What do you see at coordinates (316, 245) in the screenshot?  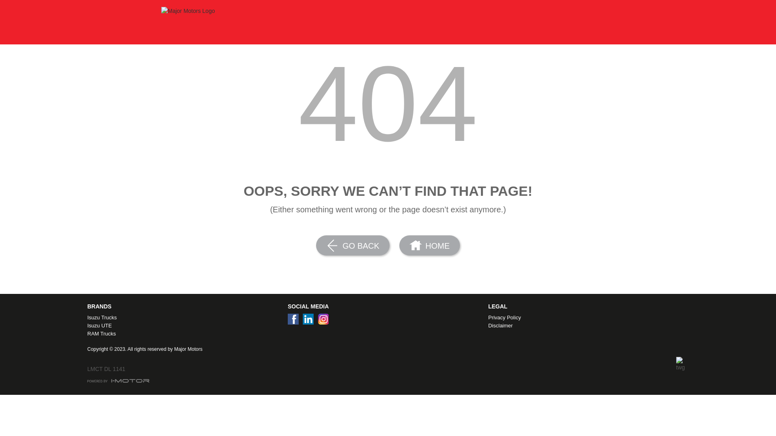 I see `'GO BACK'` at bounding box center [316, 245].